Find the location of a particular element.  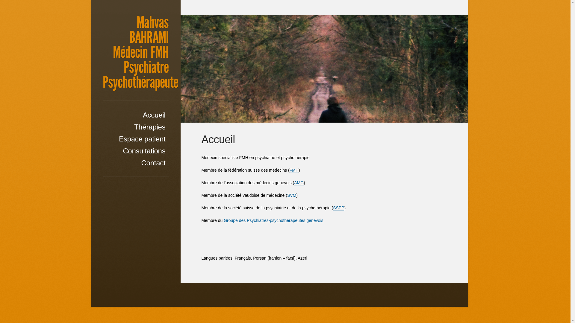

'FMH' is located at coordinates (294, 170).